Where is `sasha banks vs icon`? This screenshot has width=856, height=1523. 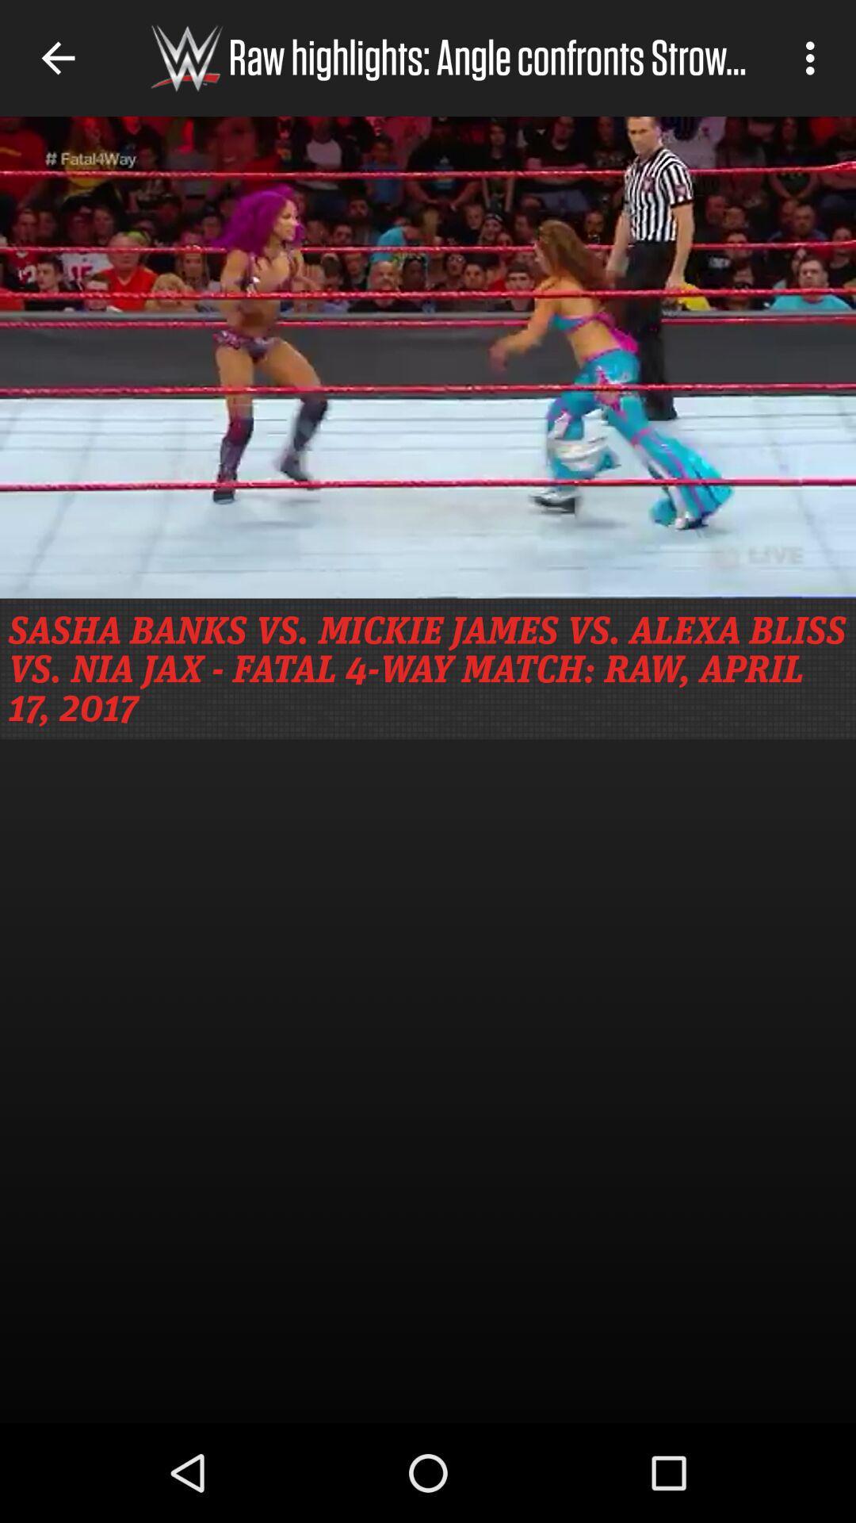
sasha banks vs icon is located at coordinates (428, 669).